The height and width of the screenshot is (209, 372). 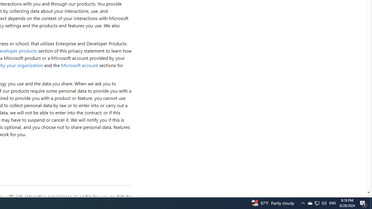 What do you see at coordinates (79, 65) in the screenshot?
I see `'Microsoft account'` at bounding box center [79, 65].